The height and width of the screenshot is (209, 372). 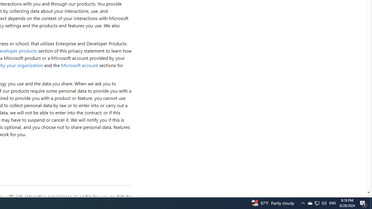 What do you see at coordinates (79, 65) in the screenshot?
I see `'Microsoft account'` at bounding box center [79, 65].